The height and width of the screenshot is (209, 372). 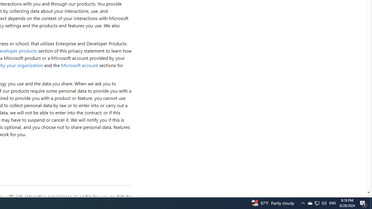 What do you see at coordinates (79, 65) in the screenshot?
I see `'Microsoft account'` at bounding box center [79, 65].